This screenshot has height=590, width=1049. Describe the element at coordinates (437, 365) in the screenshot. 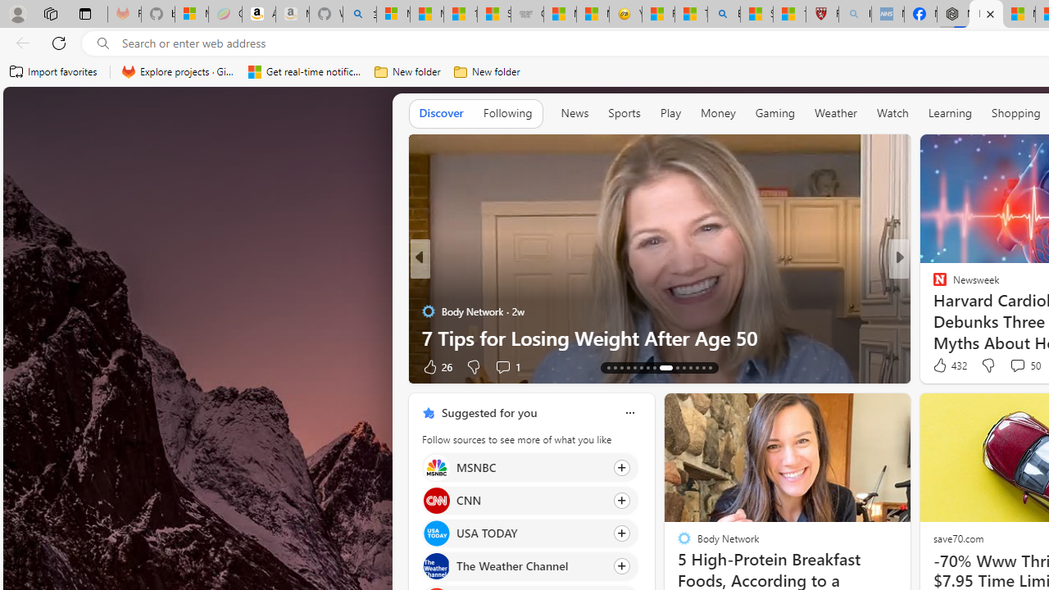

I see `'26 Like'` at that location.